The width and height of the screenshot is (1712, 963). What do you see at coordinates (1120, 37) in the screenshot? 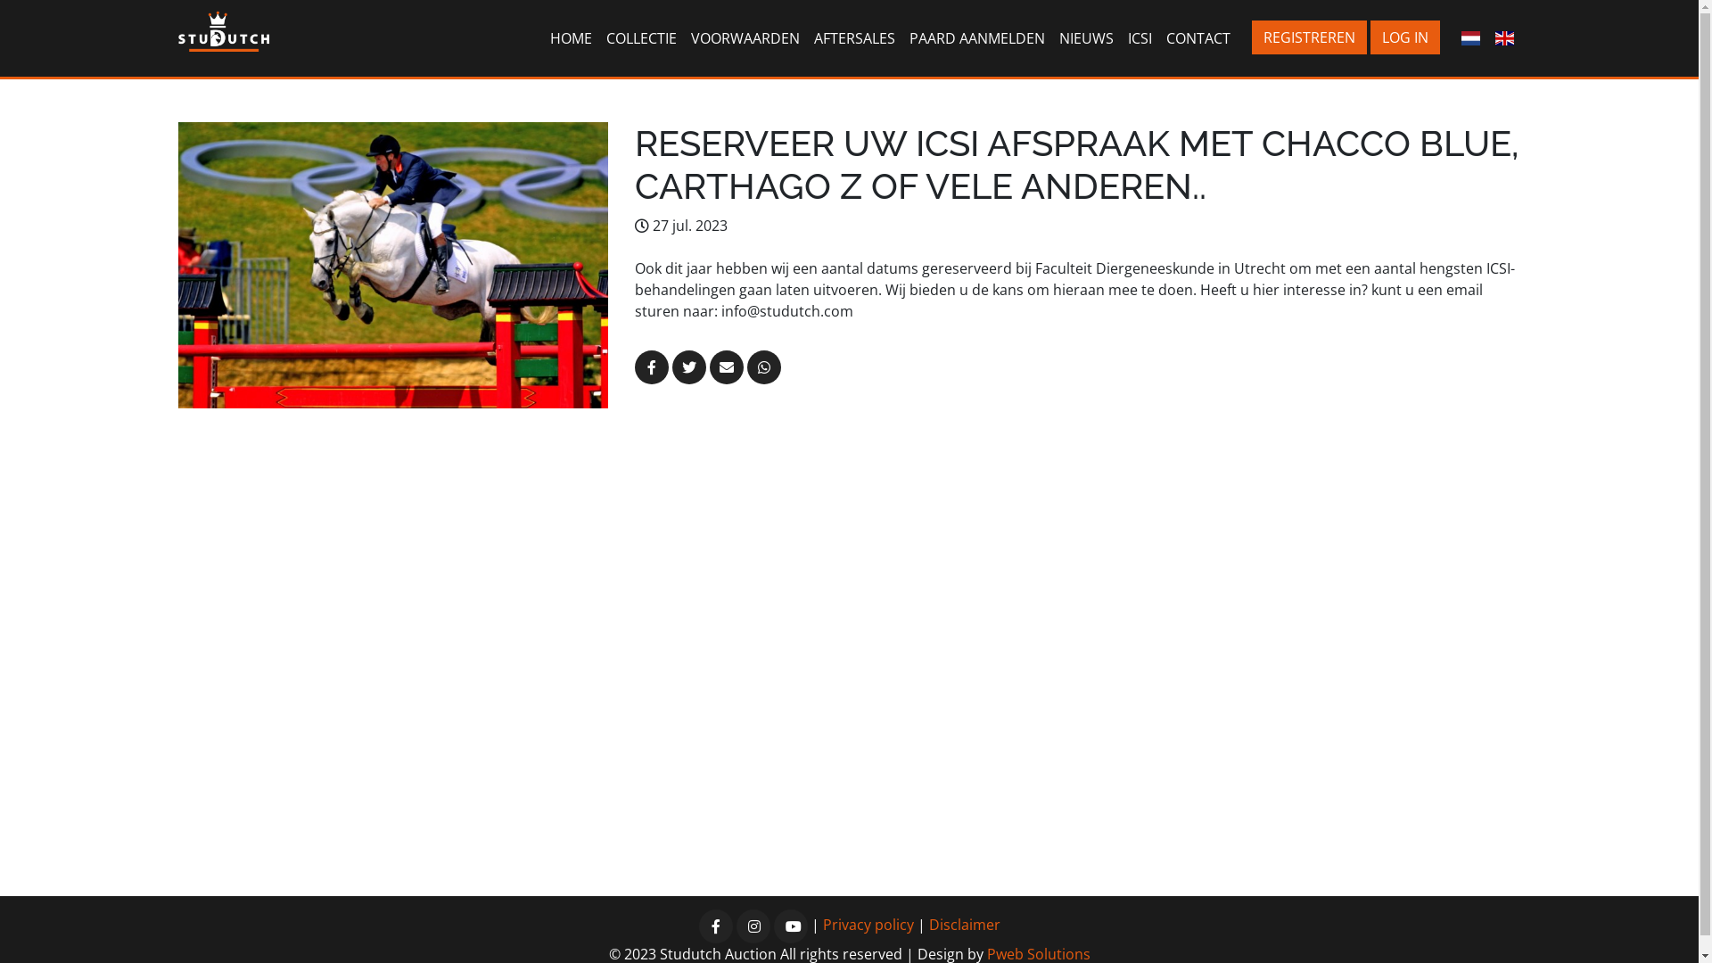
I see `'ICSI'` at bounding box center [1120, 37].